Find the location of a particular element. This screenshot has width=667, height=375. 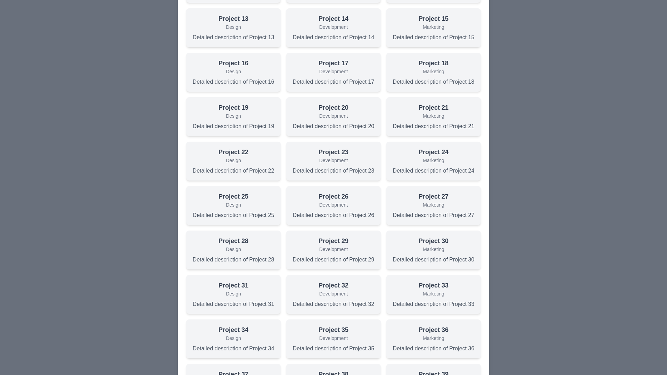

the background overlay to close the dialog is located at coordinates (333, 187).